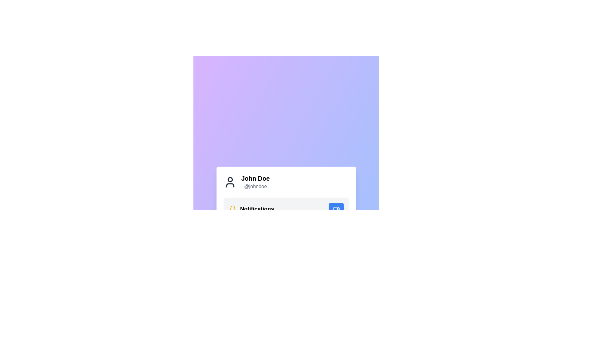 This screenshot has width=599, height=337. Describe the element at coordinates (256, 186) in the screenshot. I see `the text label displaying the username 'John Doe', which is positioned below the text 'John Doe' in the top-center of the interface` at that location.